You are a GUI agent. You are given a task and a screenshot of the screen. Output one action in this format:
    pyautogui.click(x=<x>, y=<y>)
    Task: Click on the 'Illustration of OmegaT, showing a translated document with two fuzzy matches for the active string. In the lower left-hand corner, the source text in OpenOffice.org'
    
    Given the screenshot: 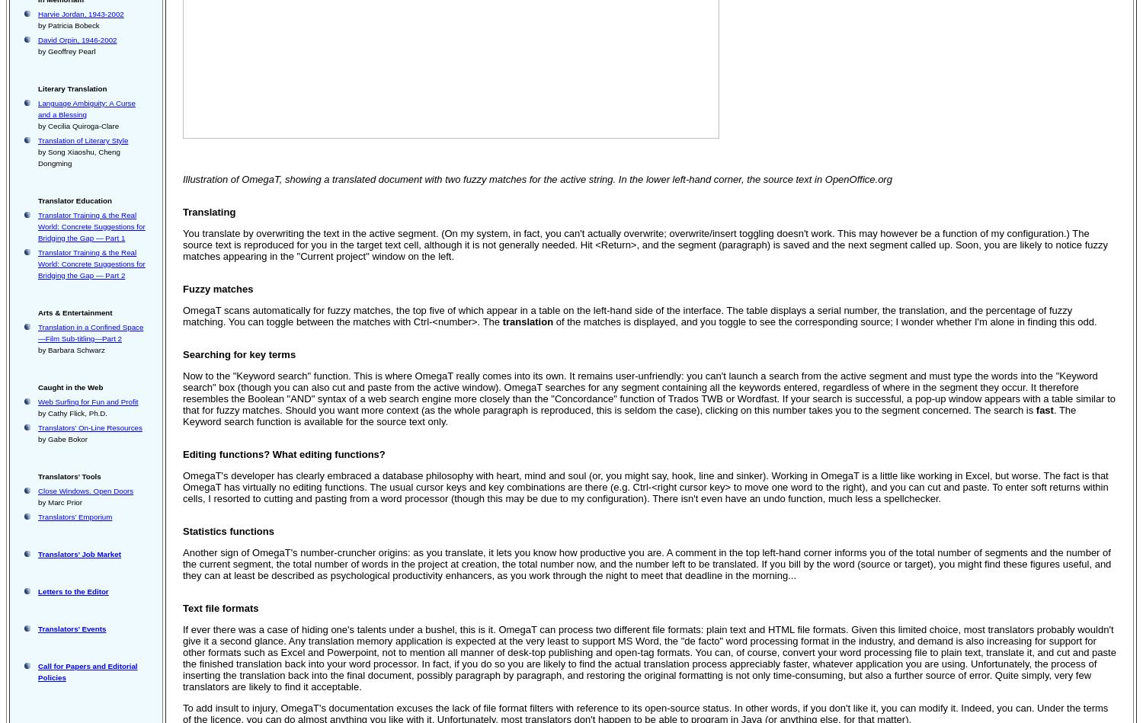 What is the action you would take?
    pyautogui.click(x=536, y=178)
    